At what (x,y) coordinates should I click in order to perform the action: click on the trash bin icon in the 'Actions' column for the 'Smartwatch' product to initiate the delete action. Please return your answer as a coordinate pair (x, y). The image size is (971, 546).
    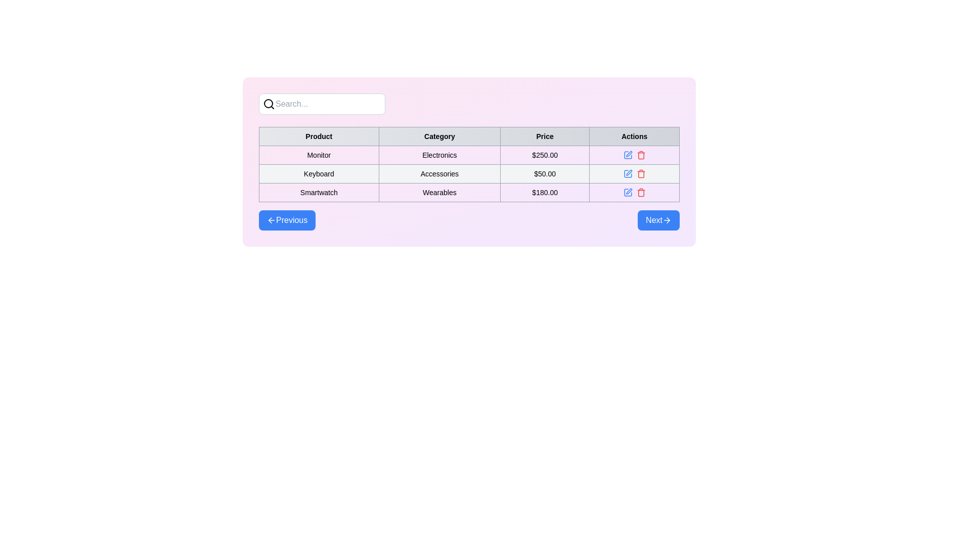
    Looking at the image, I should click on (640, 193).